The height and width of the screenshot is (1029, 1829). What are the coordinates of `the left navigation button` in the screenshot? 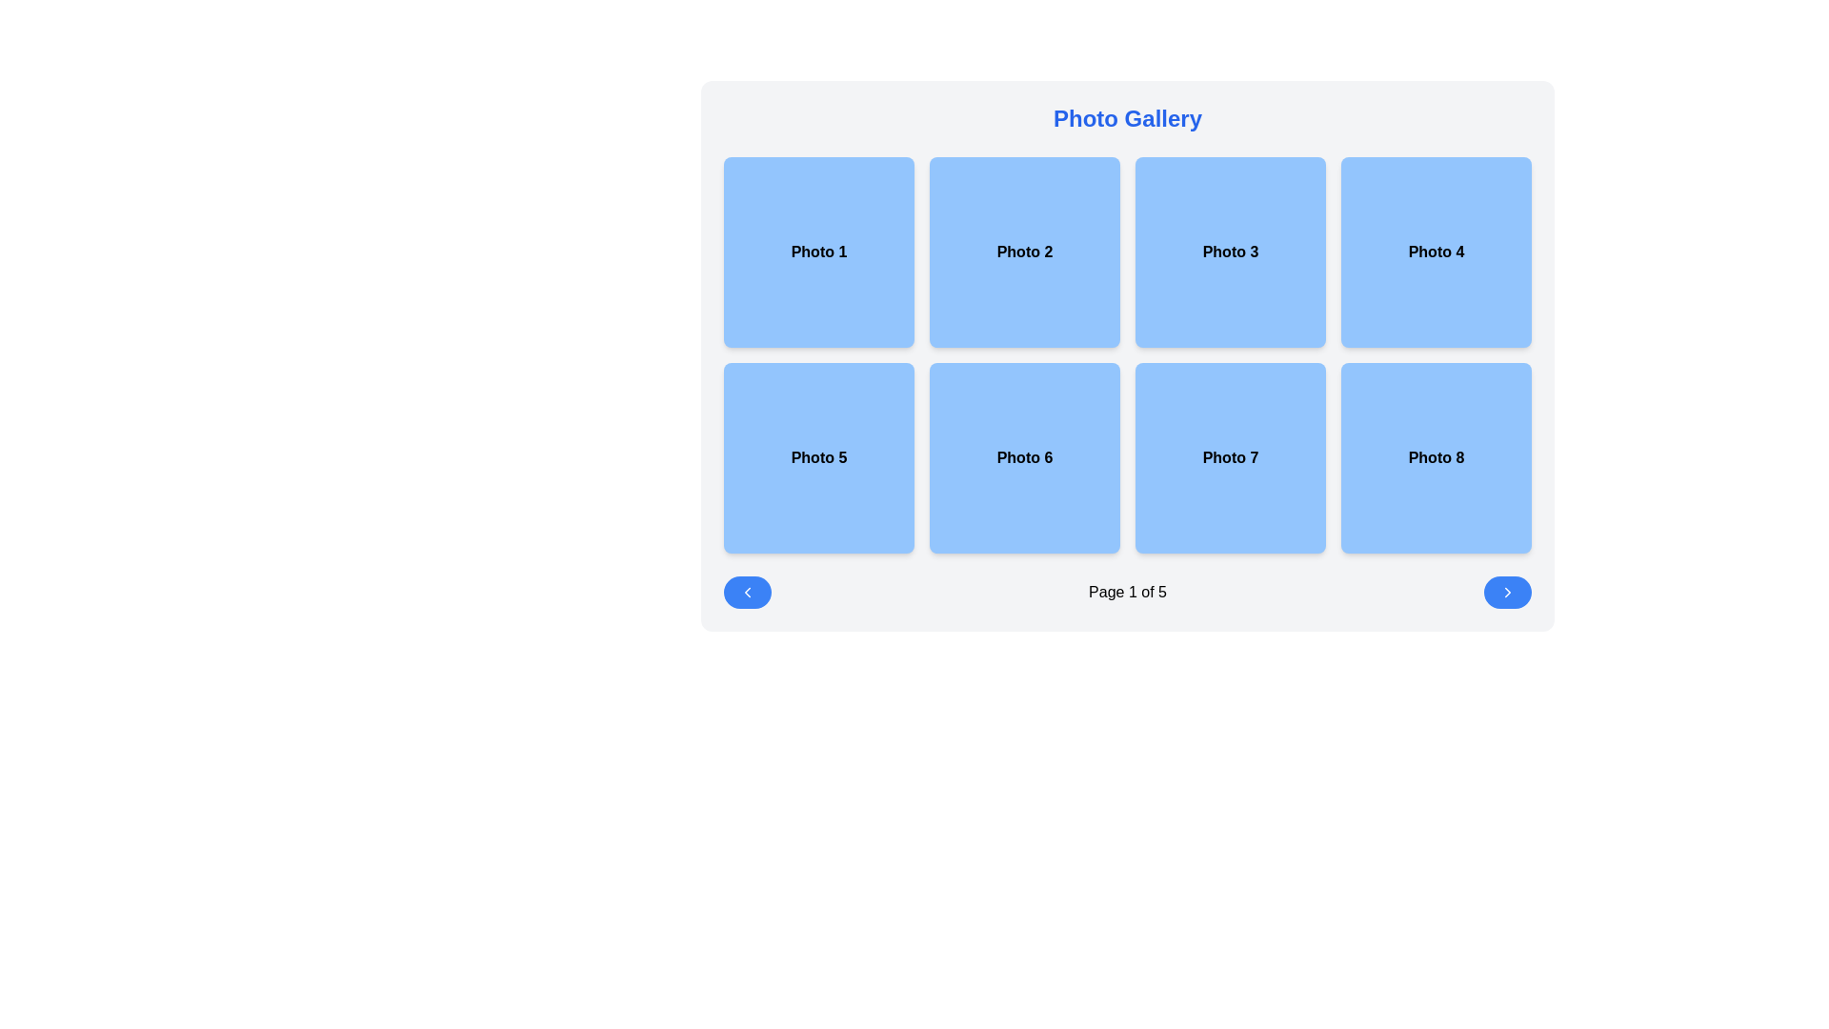 It's located at (747, 591).